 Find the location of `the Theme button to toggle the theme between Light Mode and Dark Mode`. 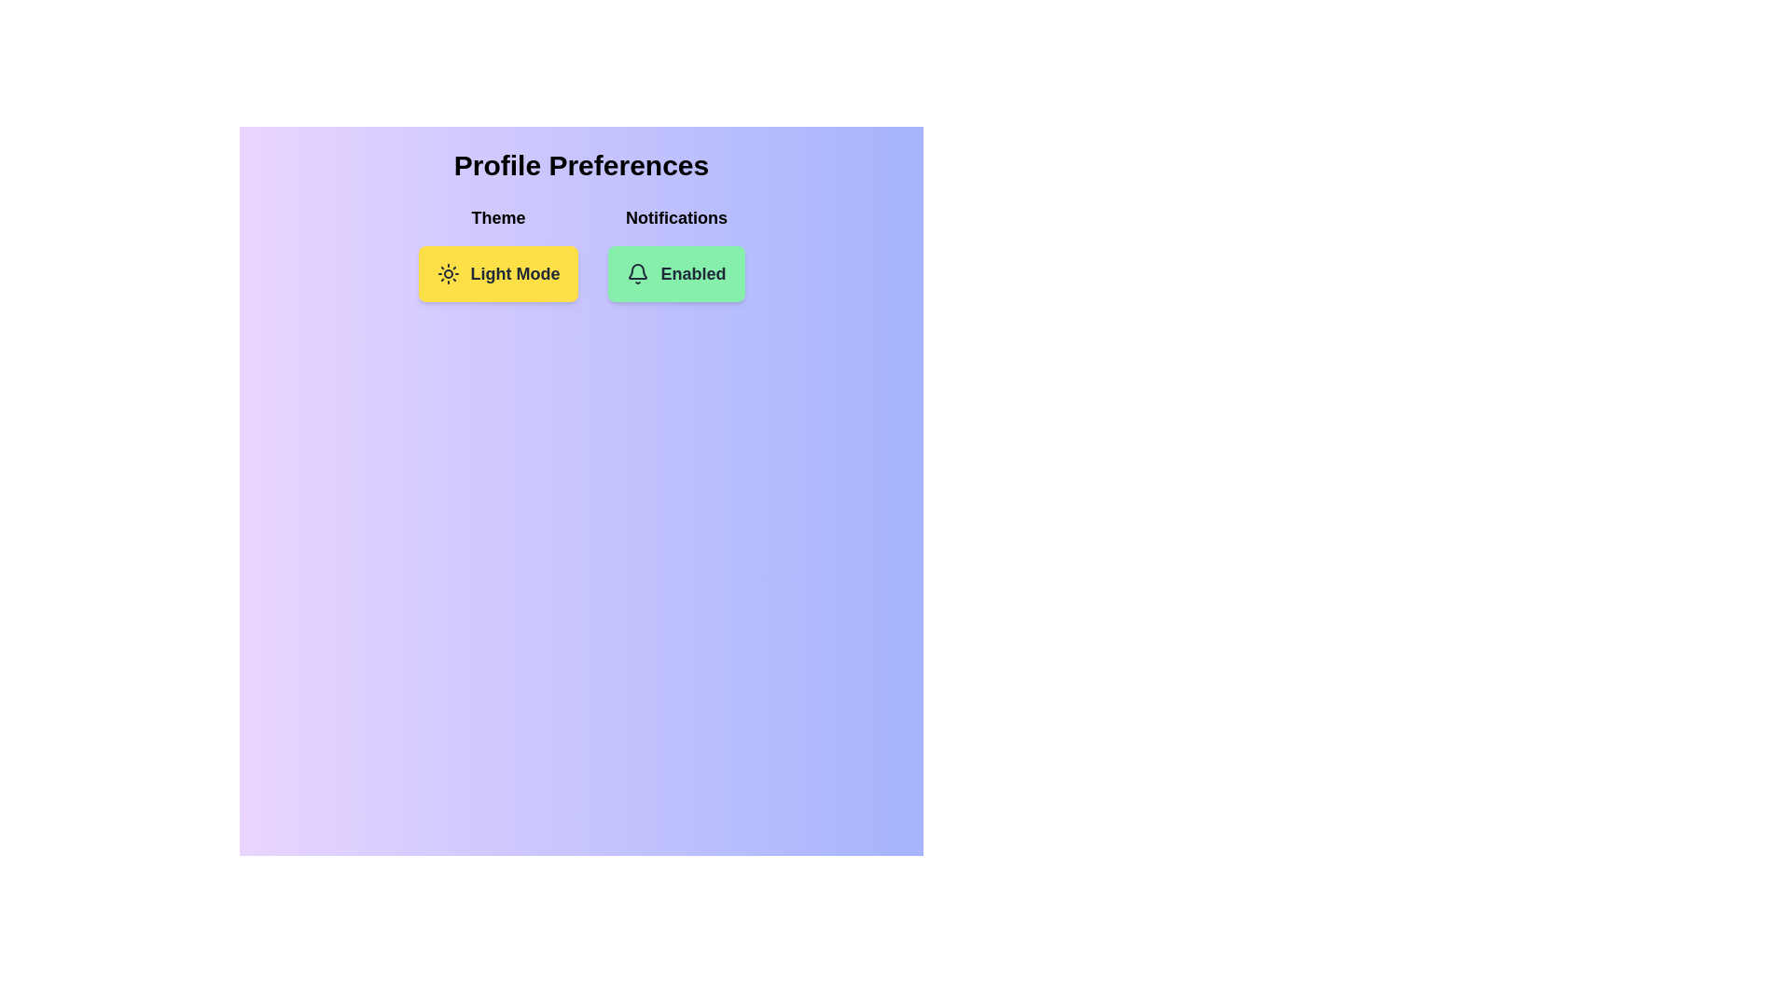

the Theme button to toggle the theme between Light Mode and Dark Mode is located at coordinates (497, 273).